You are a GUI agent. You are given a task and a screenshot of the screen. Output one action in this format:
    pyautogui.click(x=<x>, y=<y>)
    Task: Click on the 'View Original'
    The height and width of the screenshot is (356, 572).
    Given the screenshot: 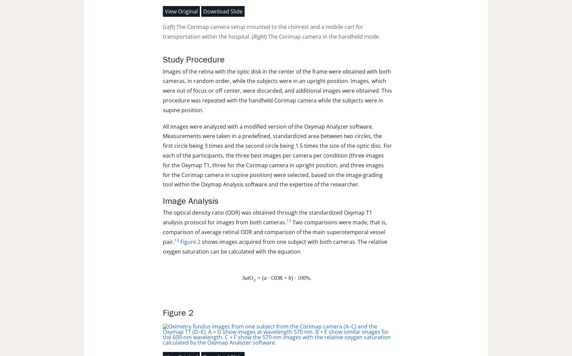 What is the action you would take?
    pyautogui.click(x=181, y=11)
    